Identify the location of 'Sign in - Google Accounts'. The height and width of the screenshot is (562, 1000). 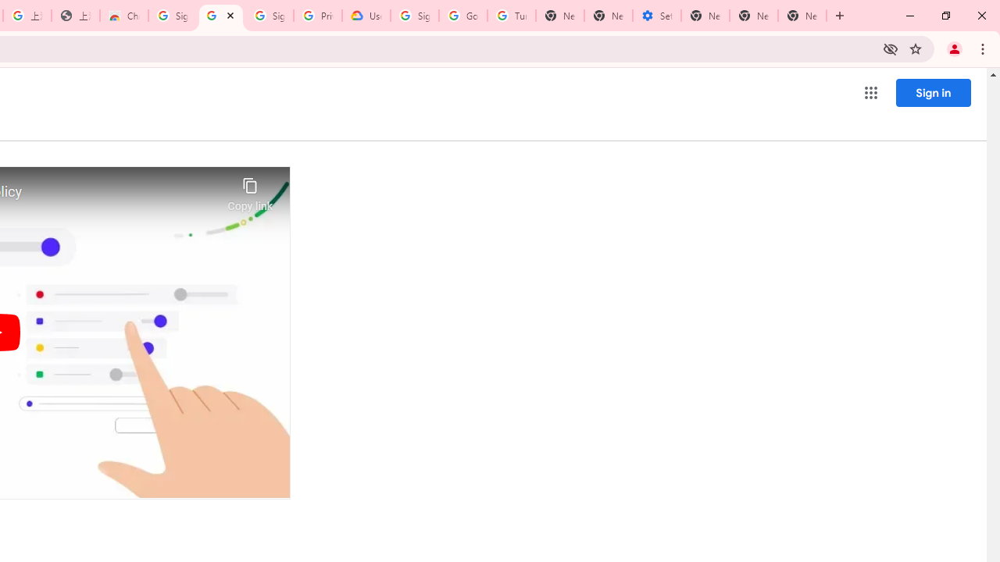
(172, 16).